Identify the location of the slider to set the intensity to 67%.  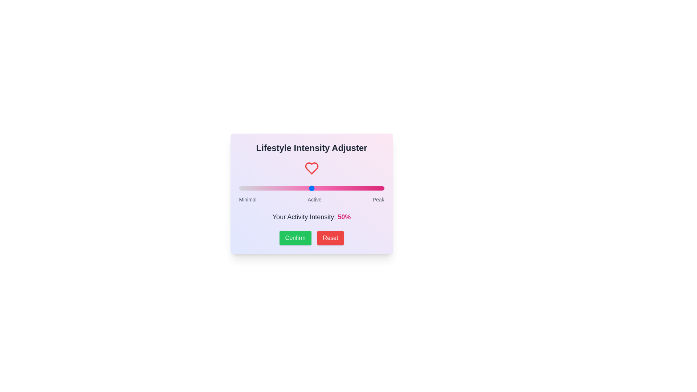
(336, 188).